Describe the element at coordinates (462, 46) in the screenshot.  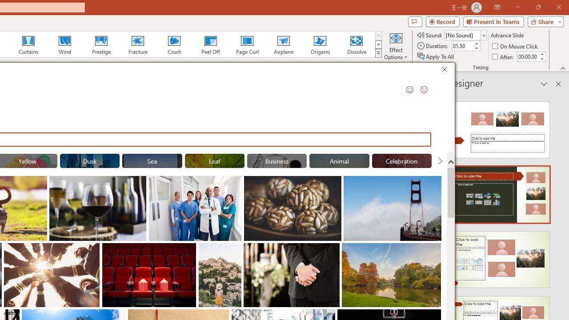
I see `'Duration'` at that location.